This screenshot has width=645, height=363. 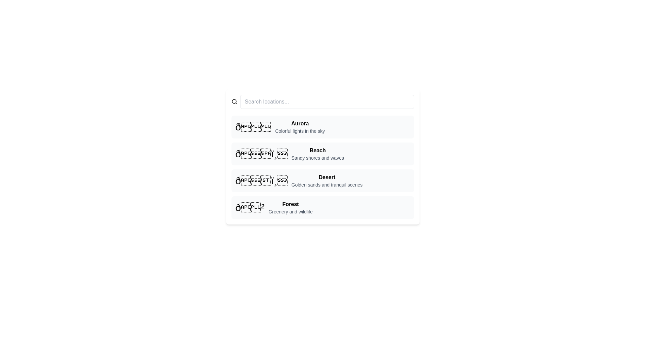 What do you see at coordinates (249, 207) in the screenshot?
I see `the decorative icon representing the concept of a forest, located to the left of the text 'Forest' and the subtitle 'Greenery and wildlife' within the fourth list item of a vertical list` at bounding box center [249, 207].